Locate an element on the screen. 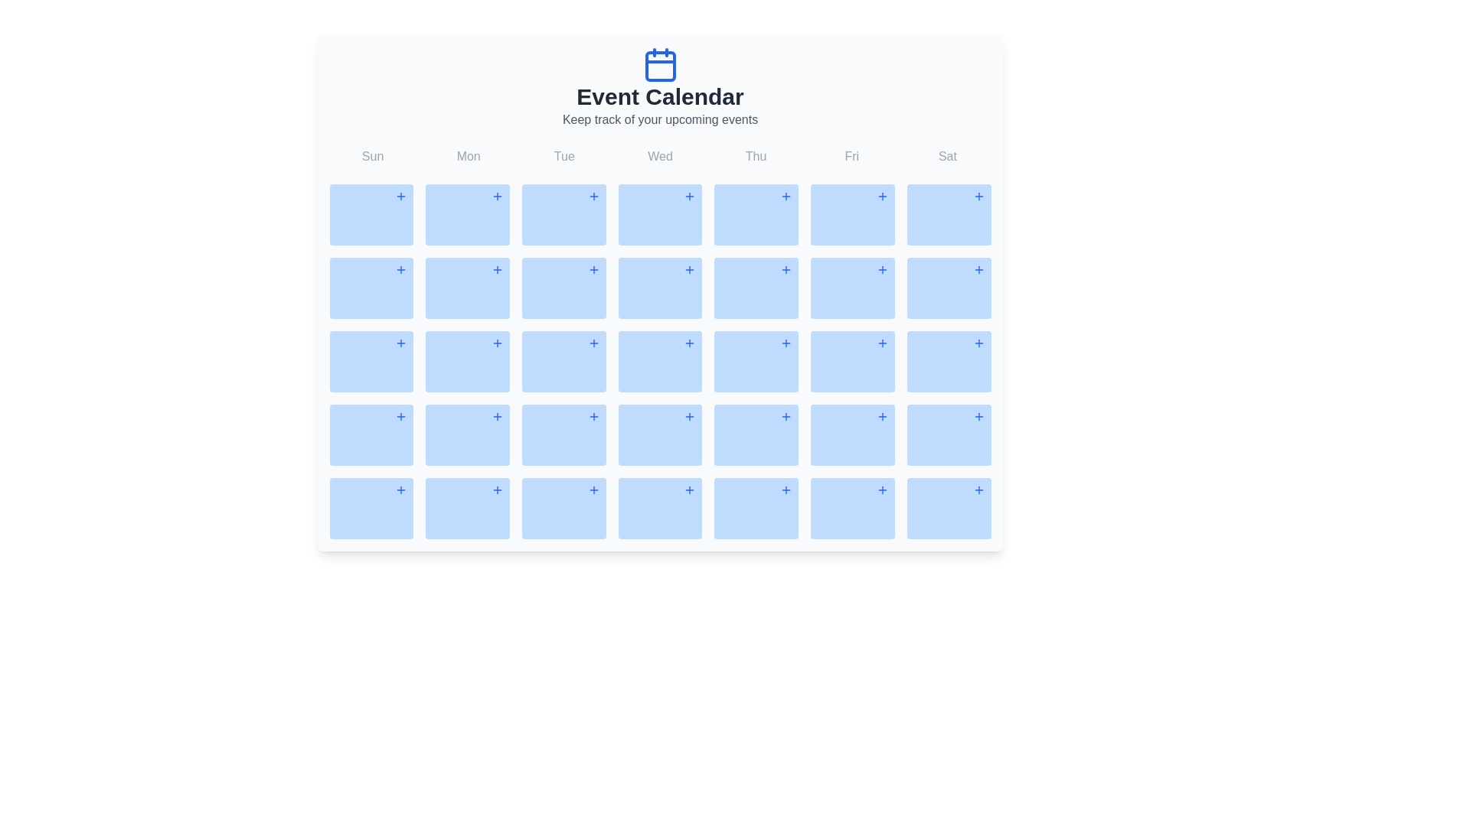  the small blue plus sign icon located at the top-right corner of the light blue rectangular card in the bottom row, fourth column of the calendar grid is located at coordinates (593, 489).